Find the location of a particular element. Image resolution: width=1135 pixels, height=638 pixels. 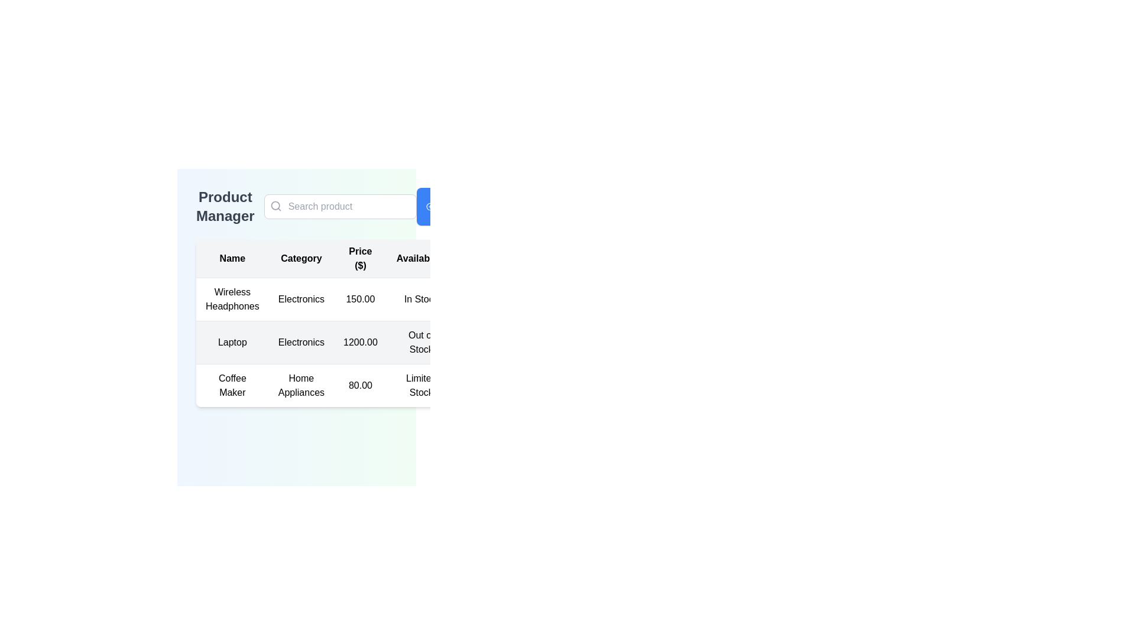

the main product information table displayed prominently below the search bar is located at coordinates (358, 342).